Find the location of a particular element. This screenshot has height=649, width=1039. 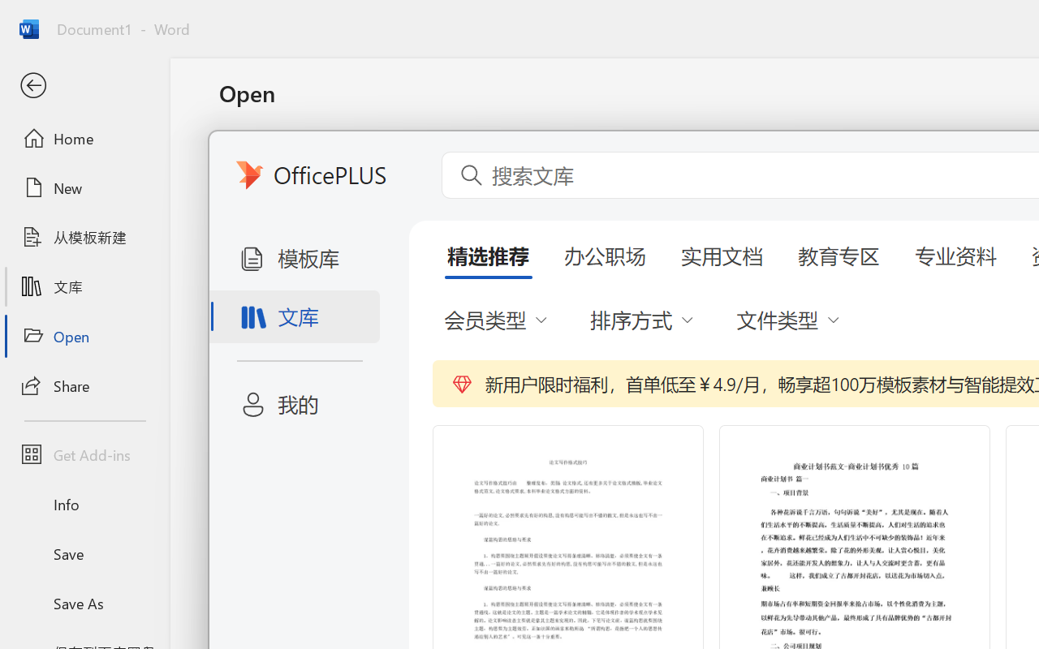

'Save As' is located at coordinates (84, 603).